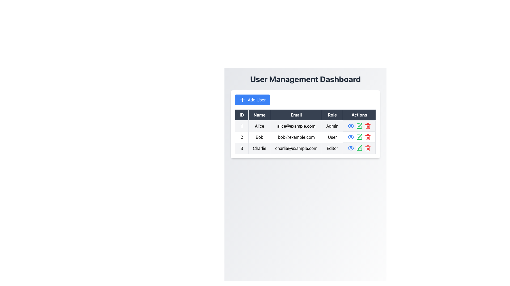 This screenshot has width=510, height=286. Describe the element at coordinates (296, 126) in the screenshot. I see `the text display element showing the email address 'alice@example.com' in the 'Email' column of the user management table` at that location.